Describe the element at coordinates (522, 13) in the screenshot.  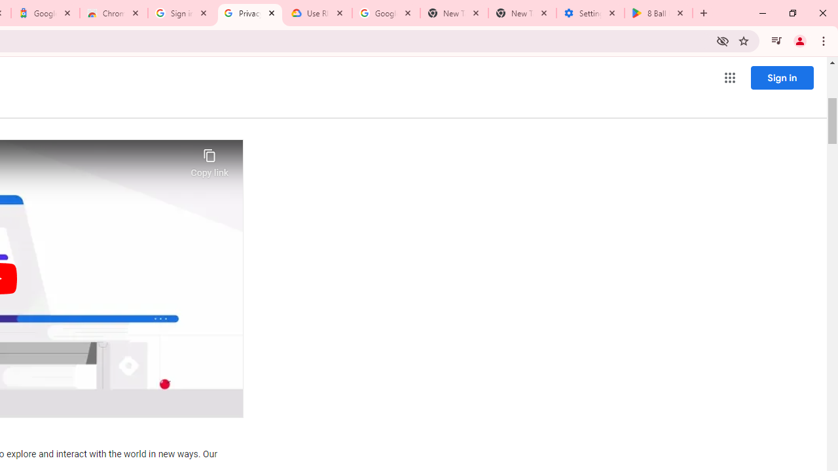
I see `'New Tab'` at that location.